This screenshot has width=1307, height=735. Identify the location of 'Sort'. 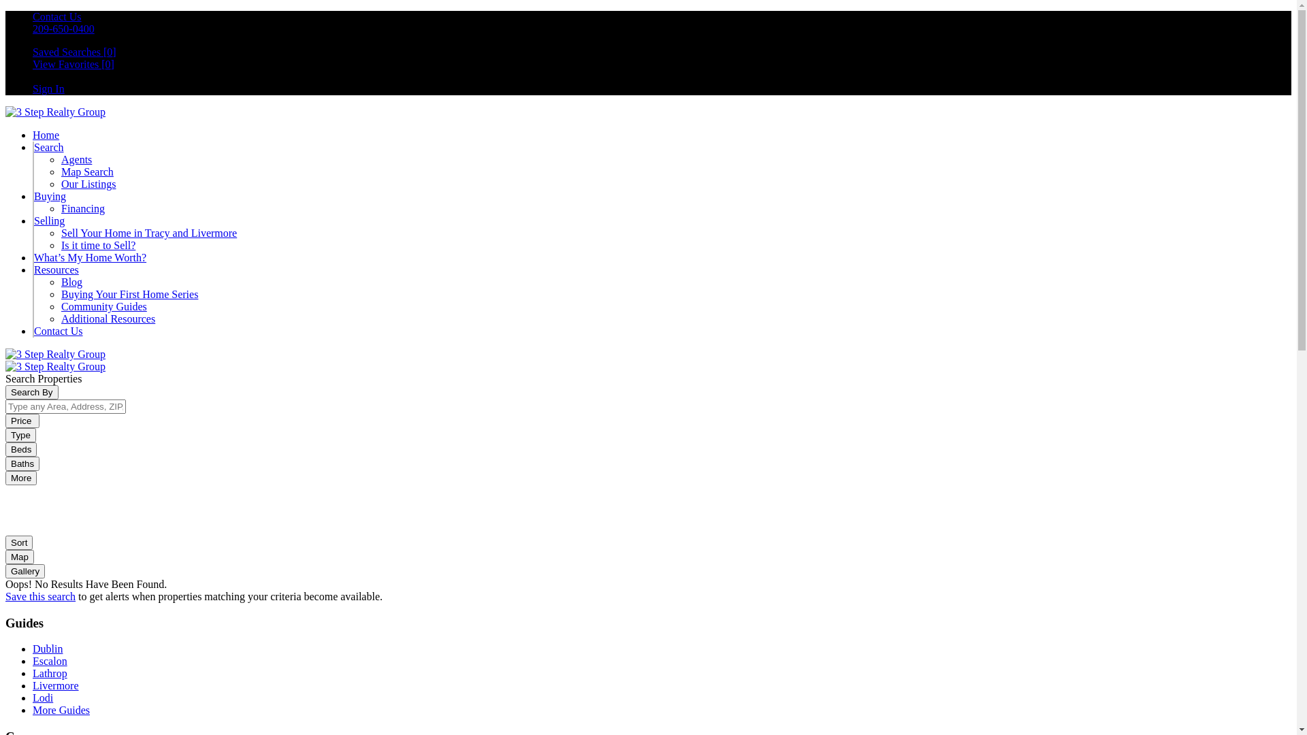
(19, 542).